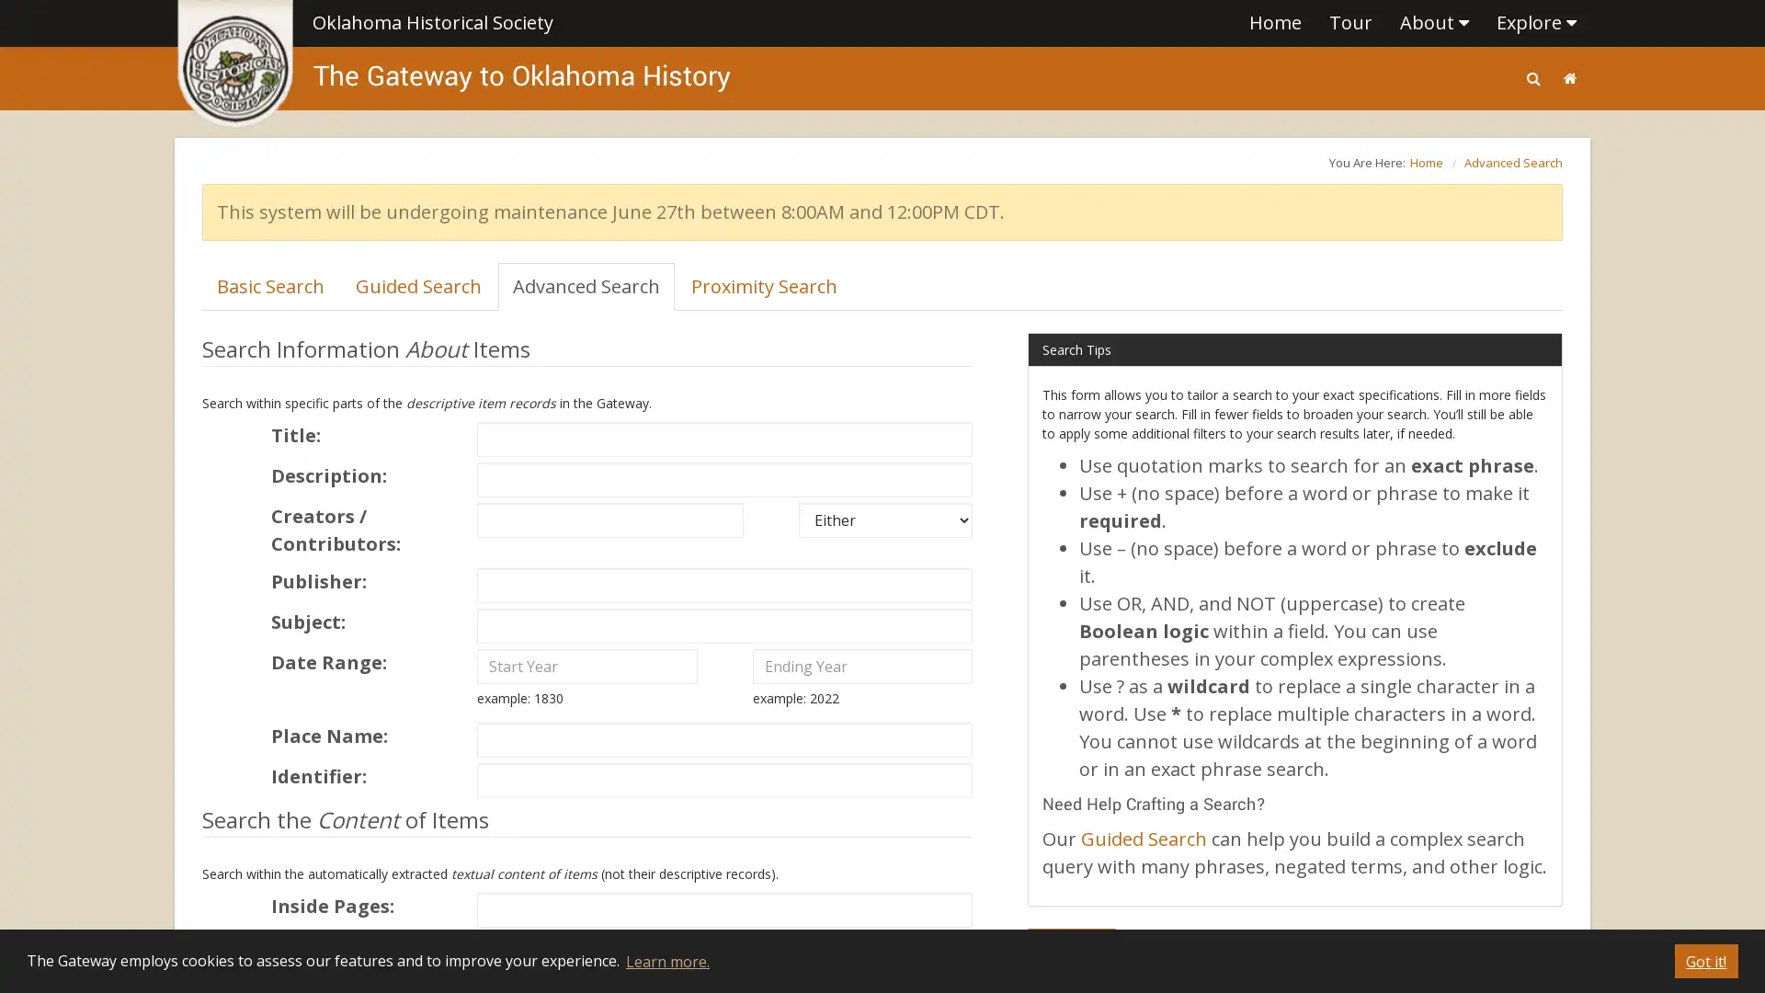  I want to click on dismiss cookie message, so click(1705, 960).